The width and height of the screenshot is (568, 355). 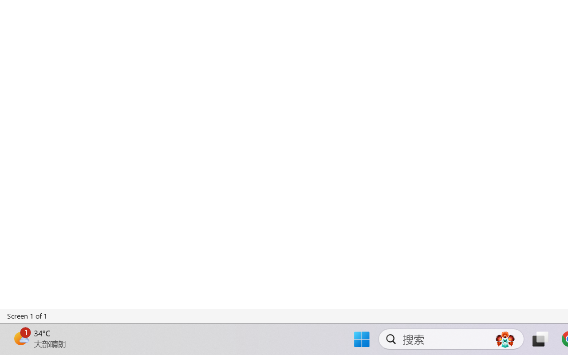 I want to click on 'AutomationID: BadgeAnchorLargeTicker', so click(x=20, y=338).